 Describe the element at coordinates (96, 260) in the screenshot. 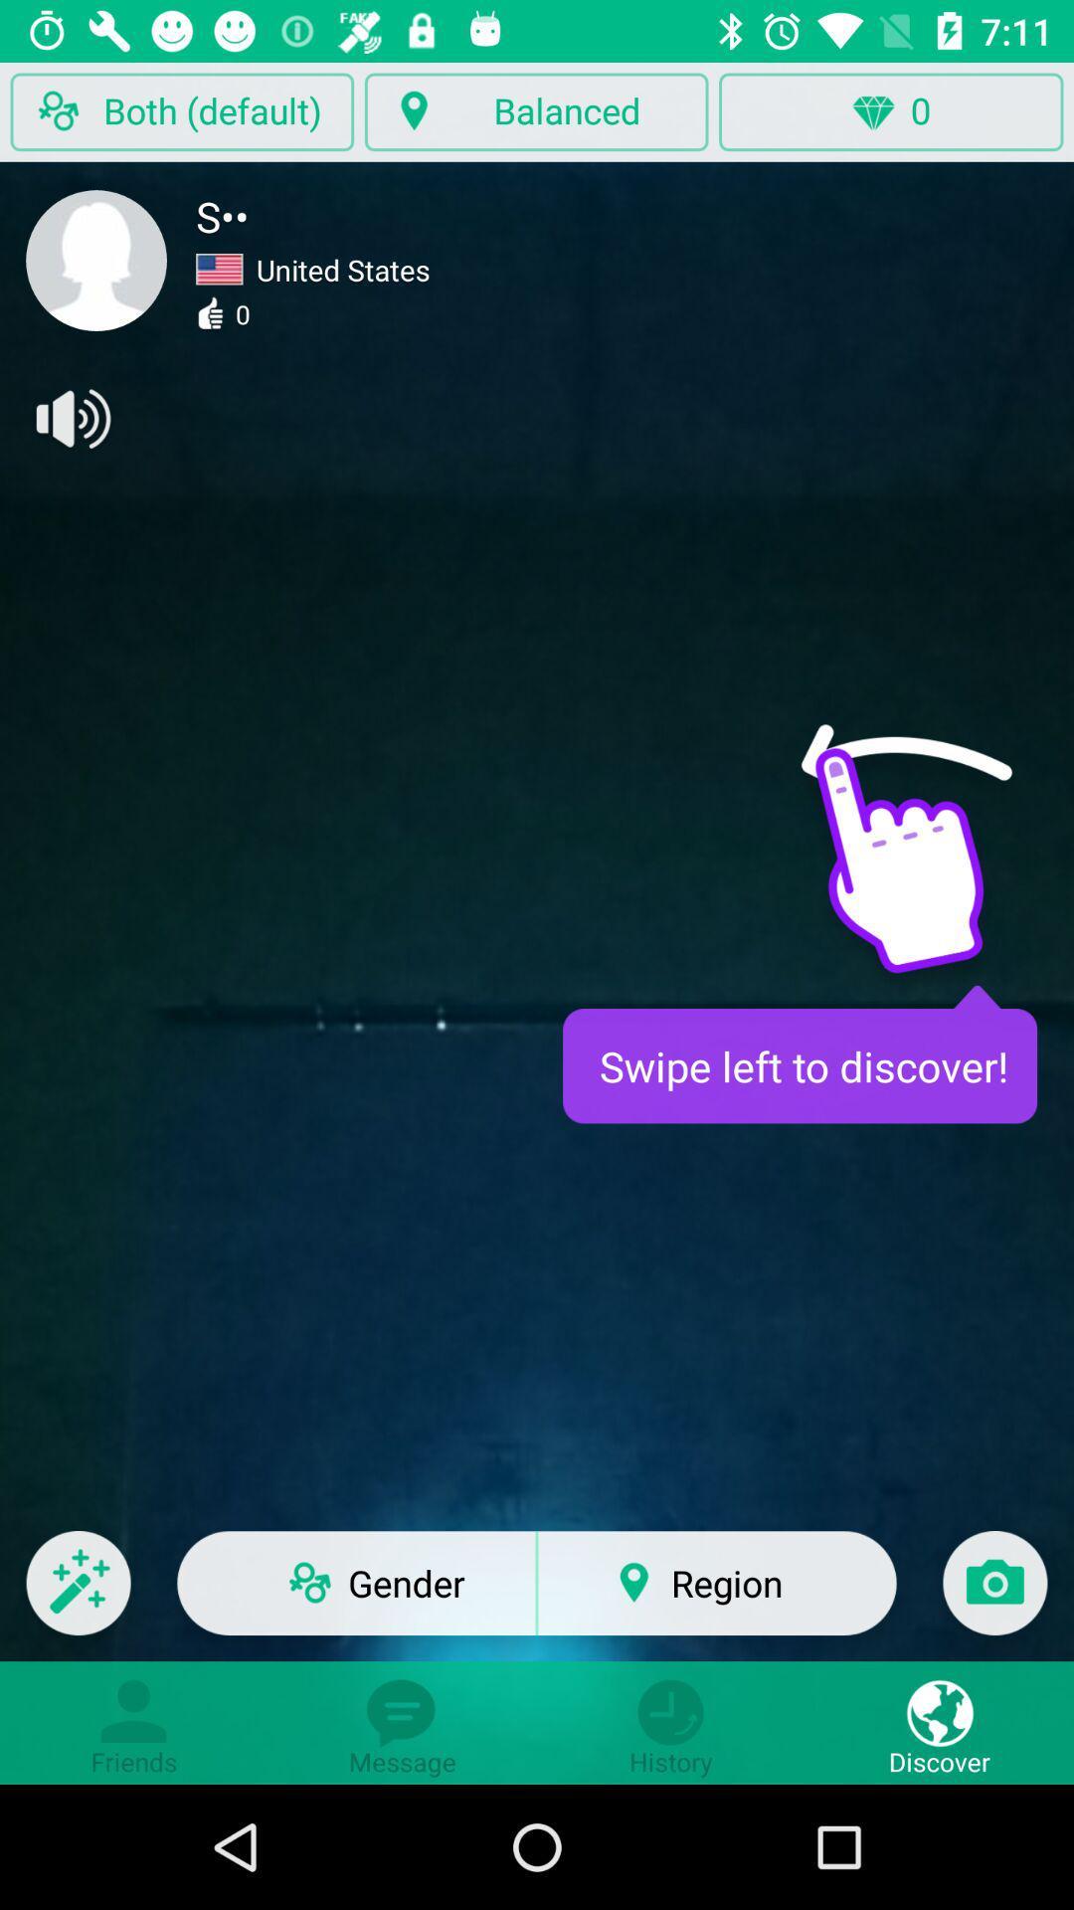

I see `the item below the both (default) item` at that location.